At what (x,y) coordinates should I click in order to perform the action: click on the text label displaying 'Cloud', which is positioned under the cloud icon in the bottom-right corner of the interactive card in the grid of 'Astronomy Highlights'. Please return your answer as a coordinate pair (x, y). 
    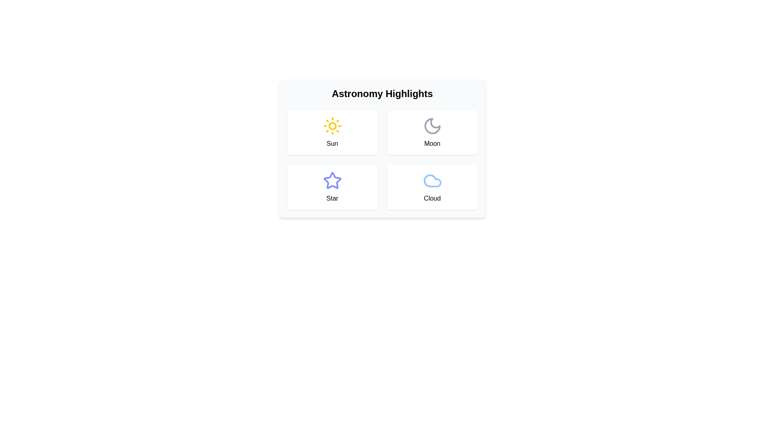
    Looking at the image, I should click on (432, 199).